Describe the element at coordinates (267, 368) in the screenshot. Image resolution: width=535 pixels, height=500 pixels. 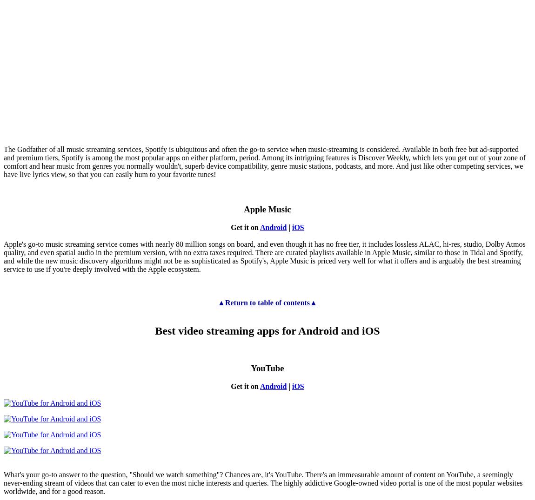
I see `'YouTube'` at that location.